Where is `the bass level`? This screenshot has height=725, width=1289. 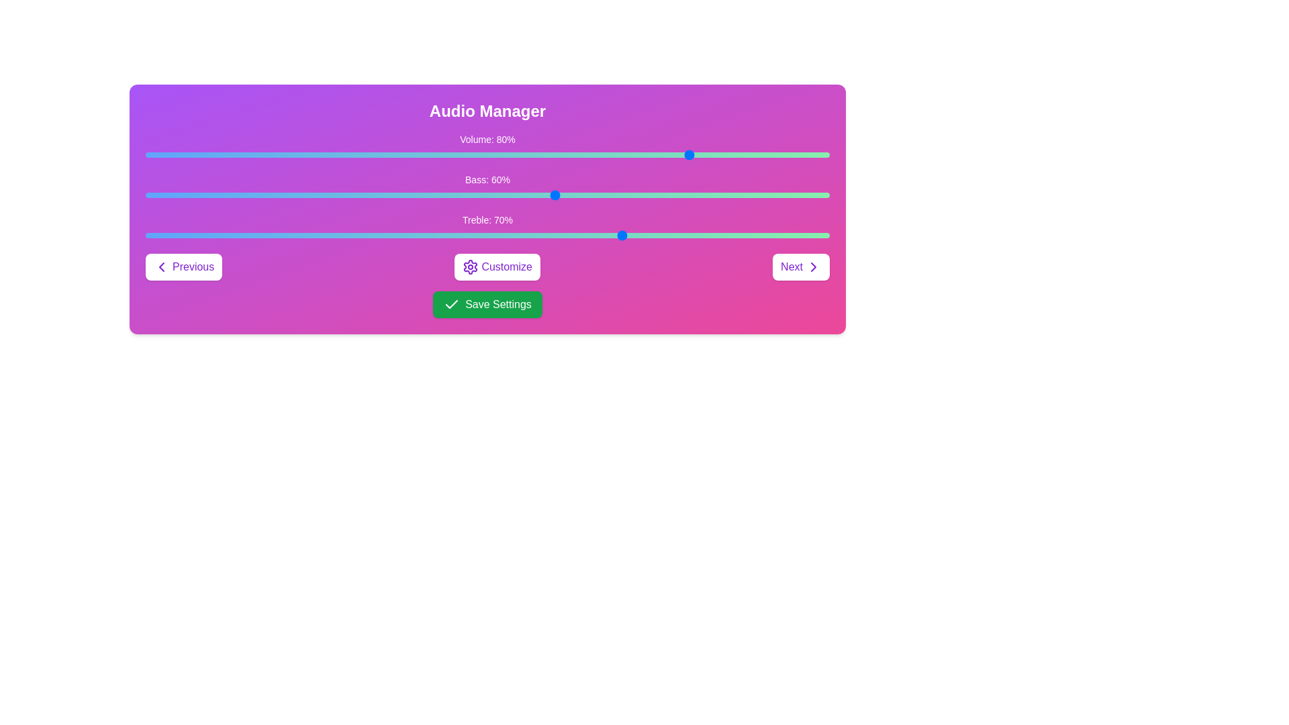 the bass level is located at coordinates (706, 195).